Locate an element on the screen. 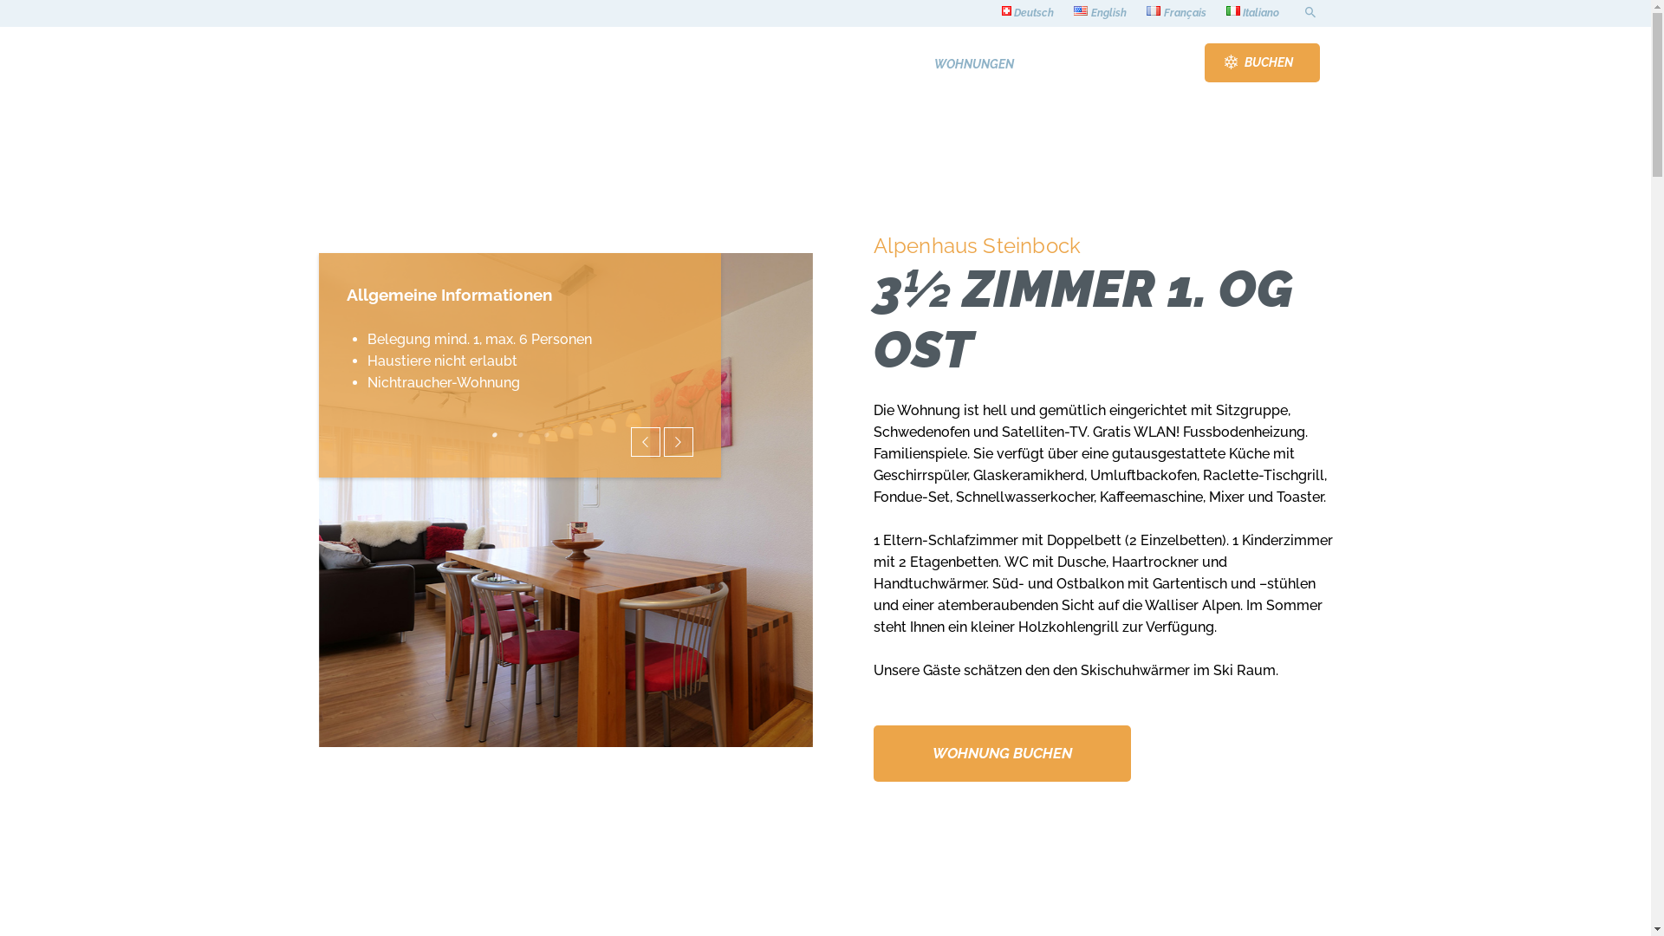  'Deutsch' is located at coordinates (1002, 10).